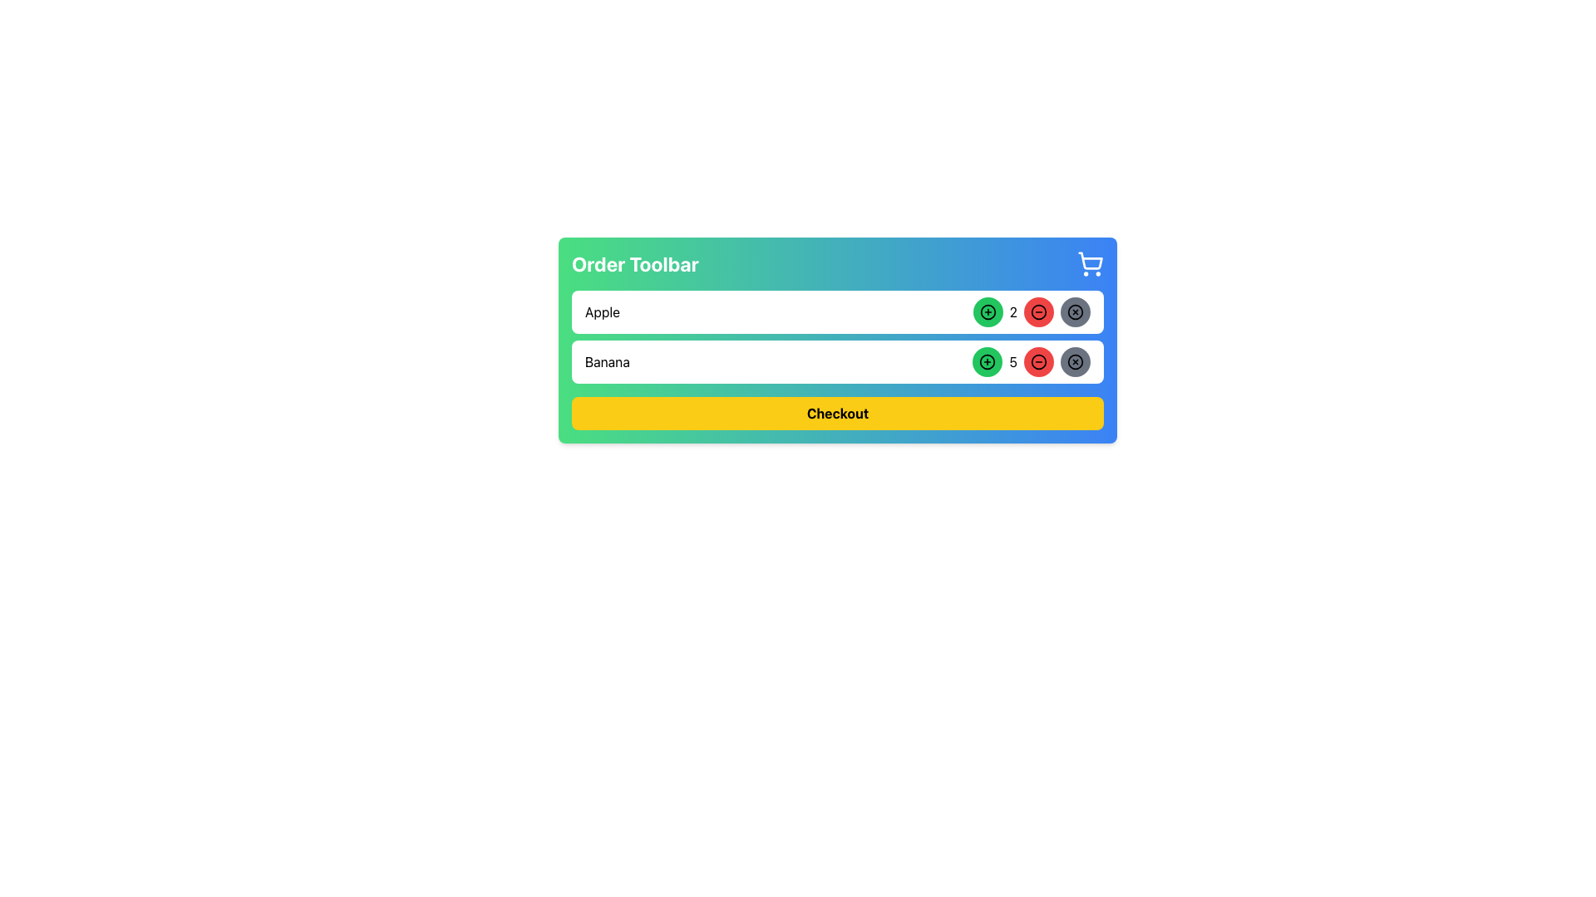 This screenshot has height=897, width=1596. Describe the element at coordinates (1076, 360) in the screenshot. I see `the circular gray icon button located to the right of the decrement button in the quantity control section adjacent to the 'Banana' item row` at that location.